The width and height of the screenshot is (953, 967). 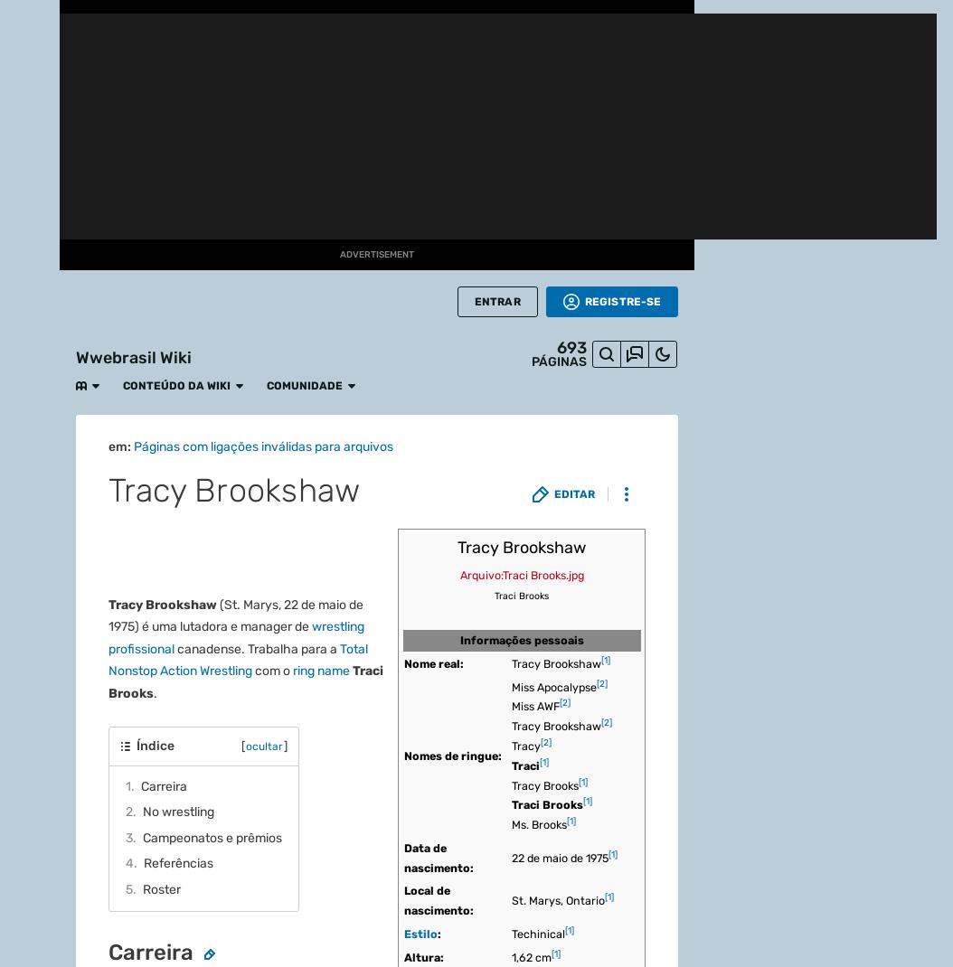 What do you see at coordinates (478, 182) in the screenshot?
I see `'The British Invasion'` at bounding box center [478, 182].